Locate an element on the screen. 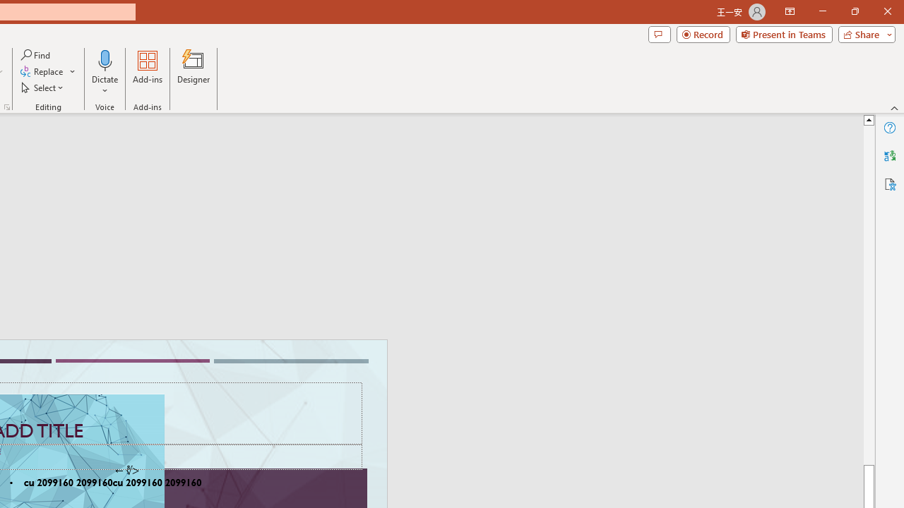  'Designer' is located at coordinates (193, 73).